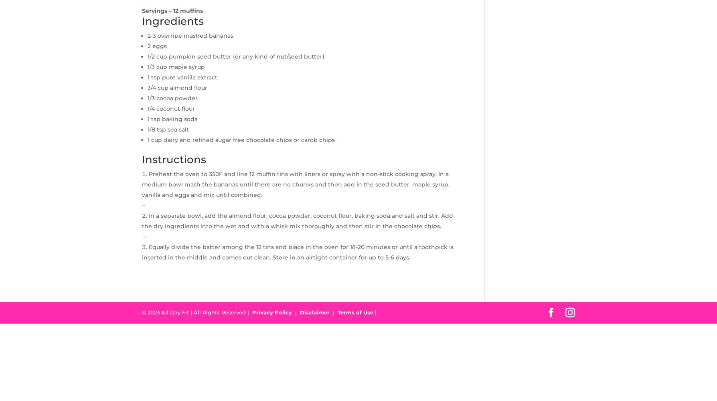  Describe the element at coordinates (176, 67) in the screenshot. I see `'1/3 cup maple syrup'` at that location.